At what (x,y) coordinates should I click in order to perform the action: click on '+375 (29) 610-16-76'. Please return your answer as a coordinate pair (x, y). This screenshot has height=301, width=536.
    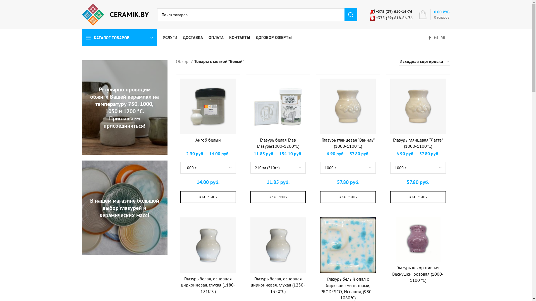
    Looking at the image, I should click on (370, 11).